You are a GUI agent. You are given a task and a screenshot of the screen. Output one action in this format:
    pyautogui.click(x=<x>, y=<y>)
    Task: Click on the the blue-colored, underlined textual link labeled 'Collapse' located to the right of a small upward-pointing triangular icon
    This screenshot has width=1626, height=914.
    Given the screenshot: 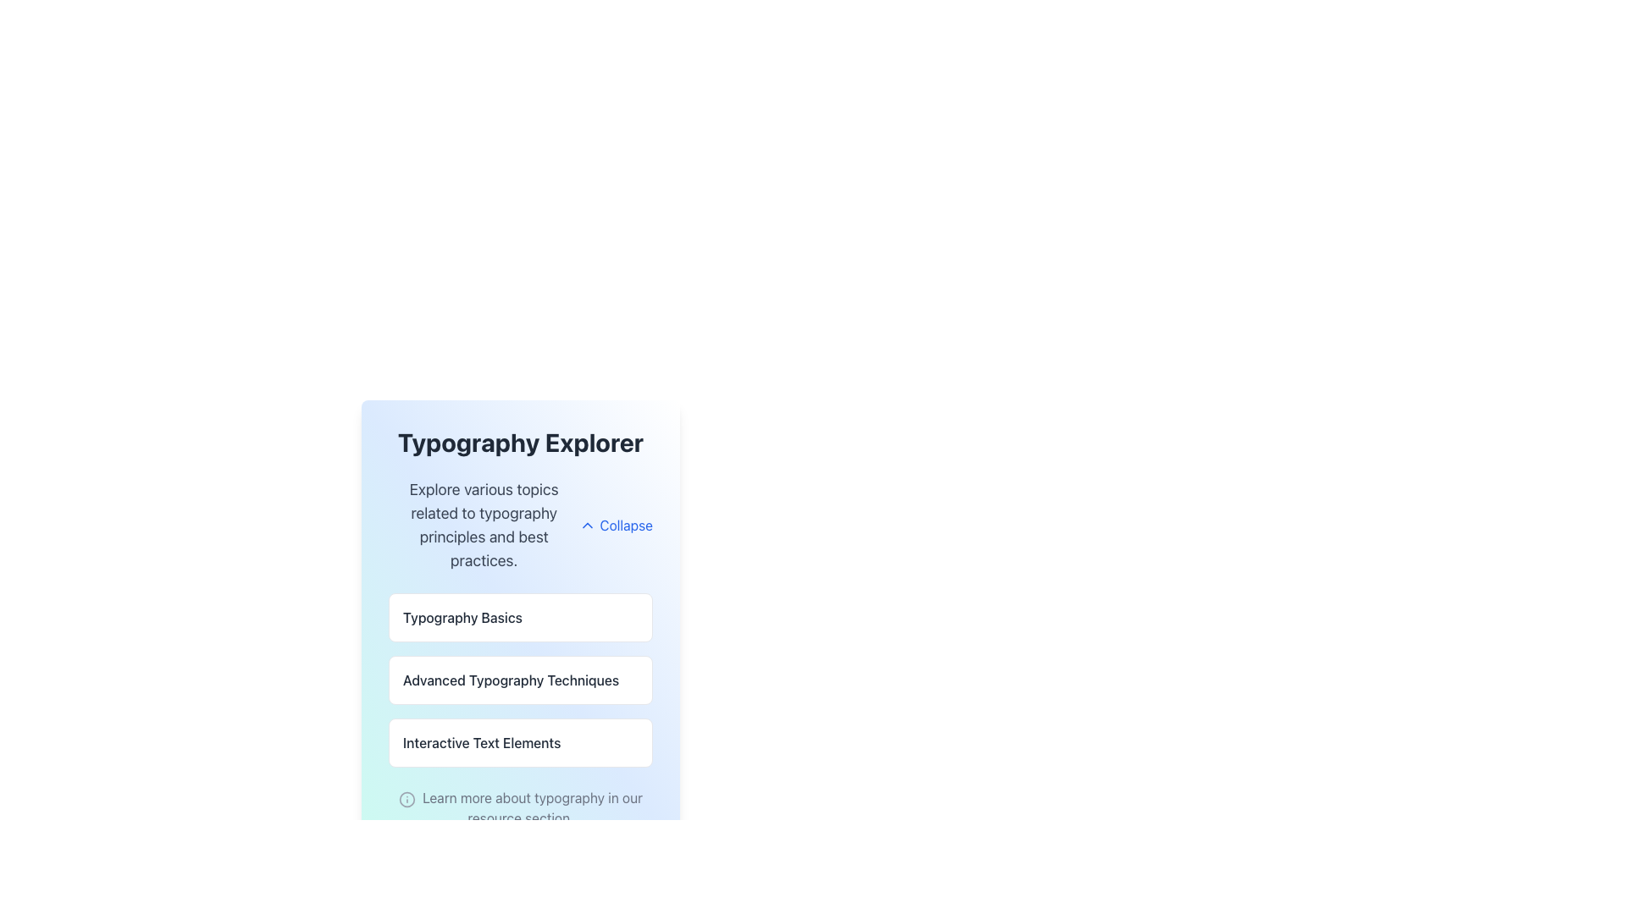 What is the action you would take?
    pyautogui.click(x=615, y=525)
    